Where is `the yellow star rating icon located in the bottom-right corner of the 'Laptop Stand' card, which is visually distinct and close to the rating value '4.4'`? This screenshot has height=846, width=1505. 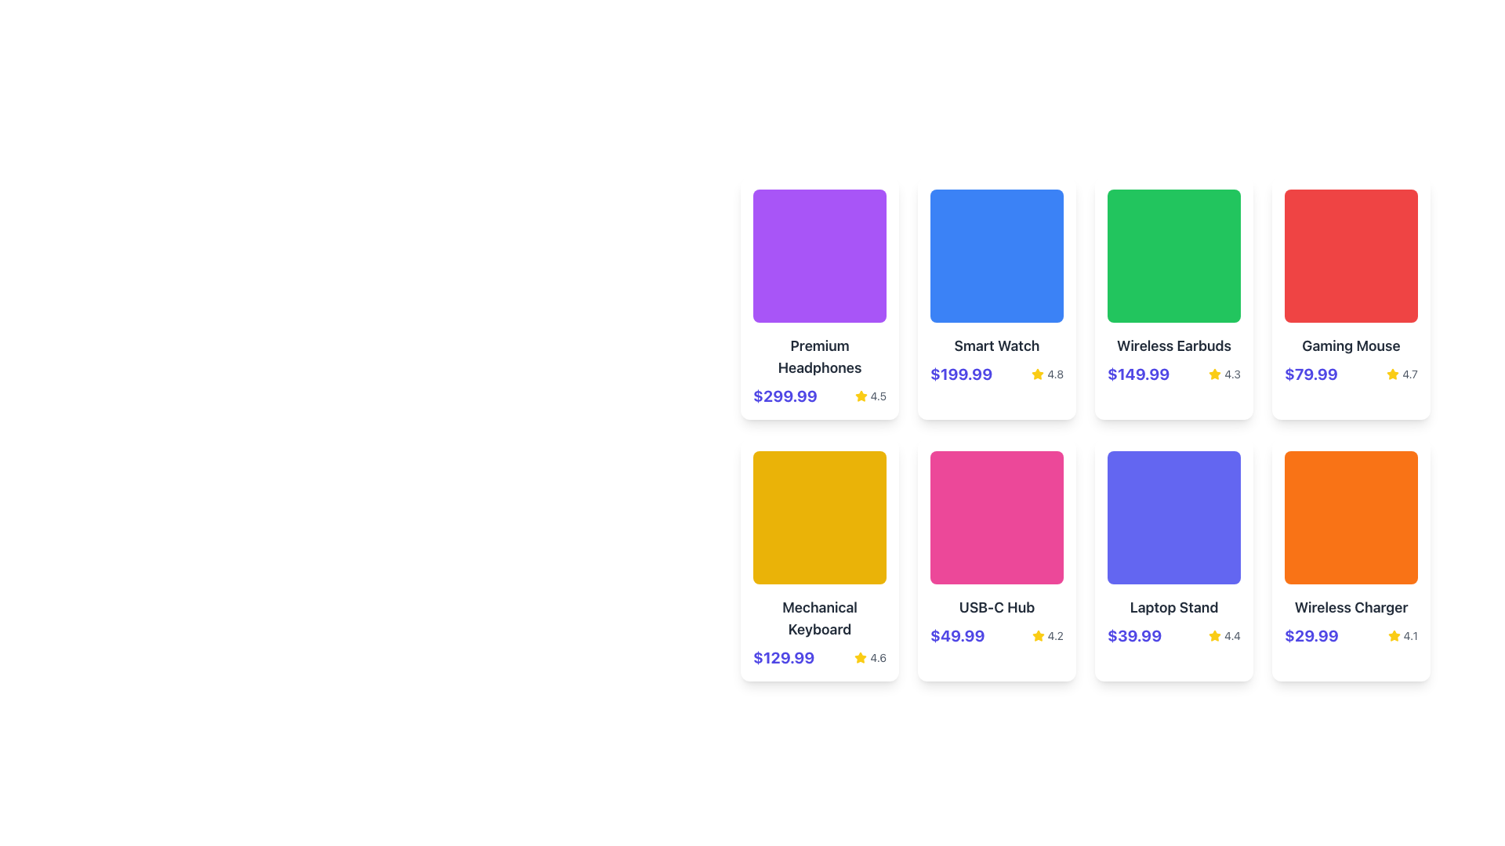 the yellow star rating icon located in the bottom-right corner of the 'Laptop Stand' card, which is visually distinct and close to the rating value '4.4' is located at coordinates (1214, 635).